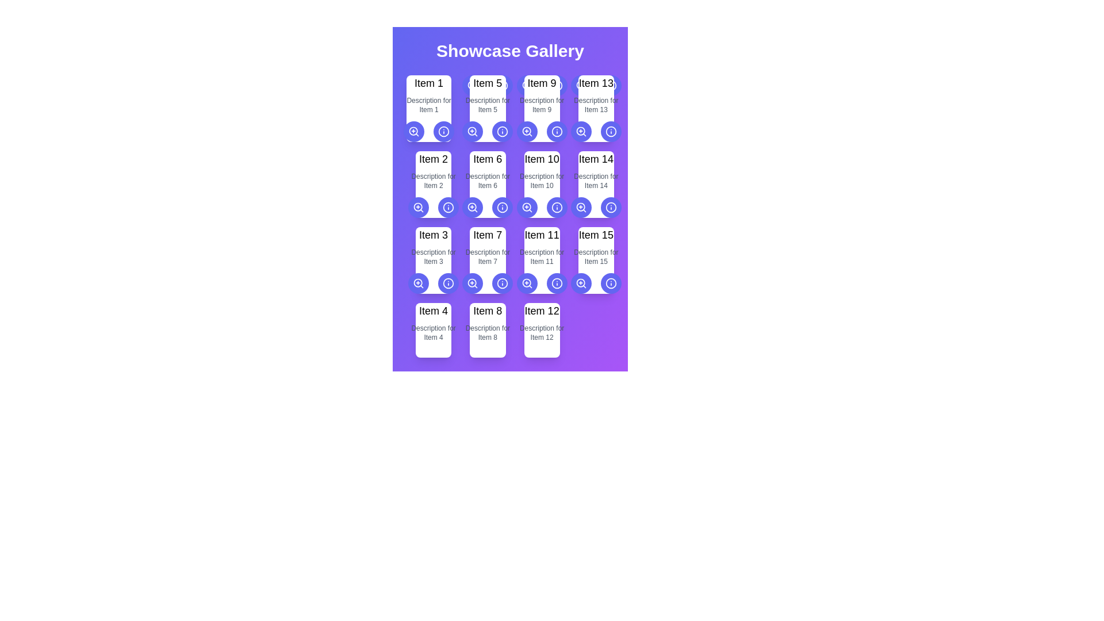 This screenshot has height=621, width=1104. Describe the element at coordinates (433, 283) in the screenshot. I see `the right circular button in the button group below the card labeled 'Item 3'` at that location.